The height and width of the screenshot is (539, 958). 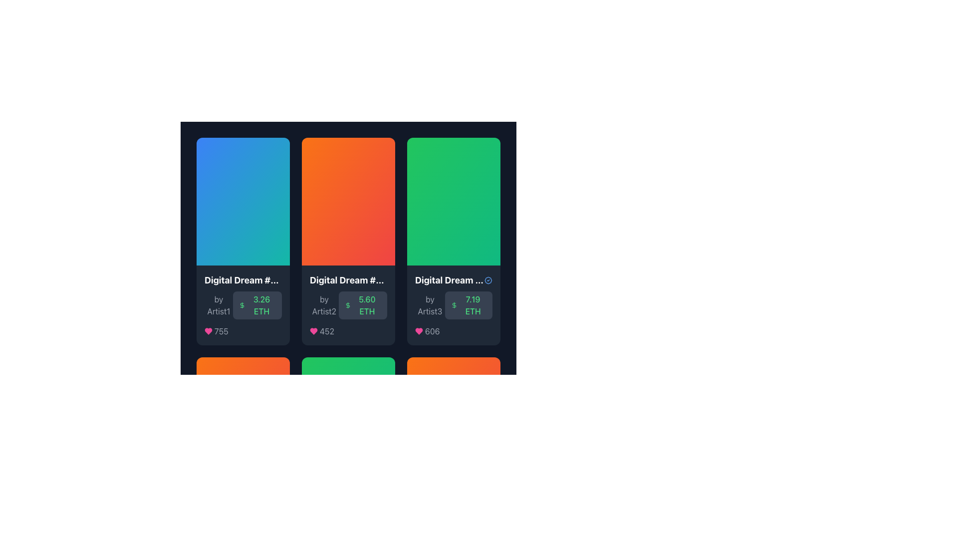 I want to click on the monetary value label located beneath 'by Artist1' in the leftmost column of the three-column grid, so click(x=257, y=305).